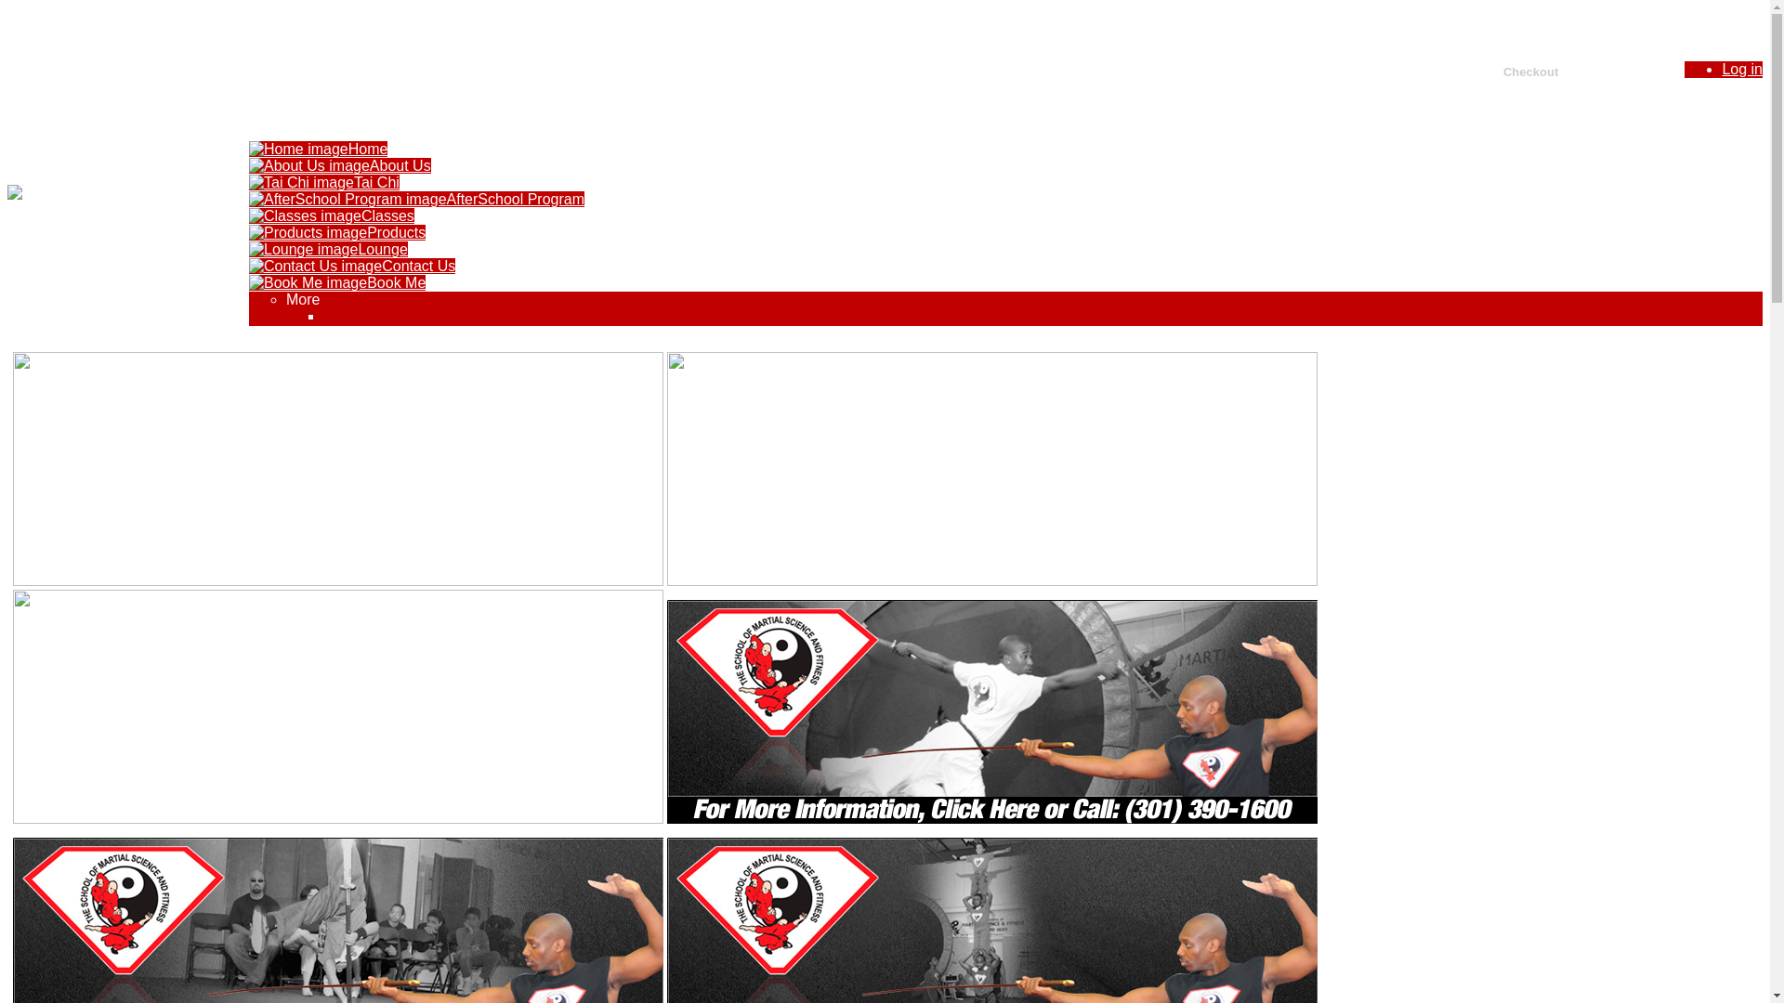 This screenshot has height=1003, width=1784. Describe the element at coordinates (337, 231) in the screenshot. I see `'Products'` at that location.